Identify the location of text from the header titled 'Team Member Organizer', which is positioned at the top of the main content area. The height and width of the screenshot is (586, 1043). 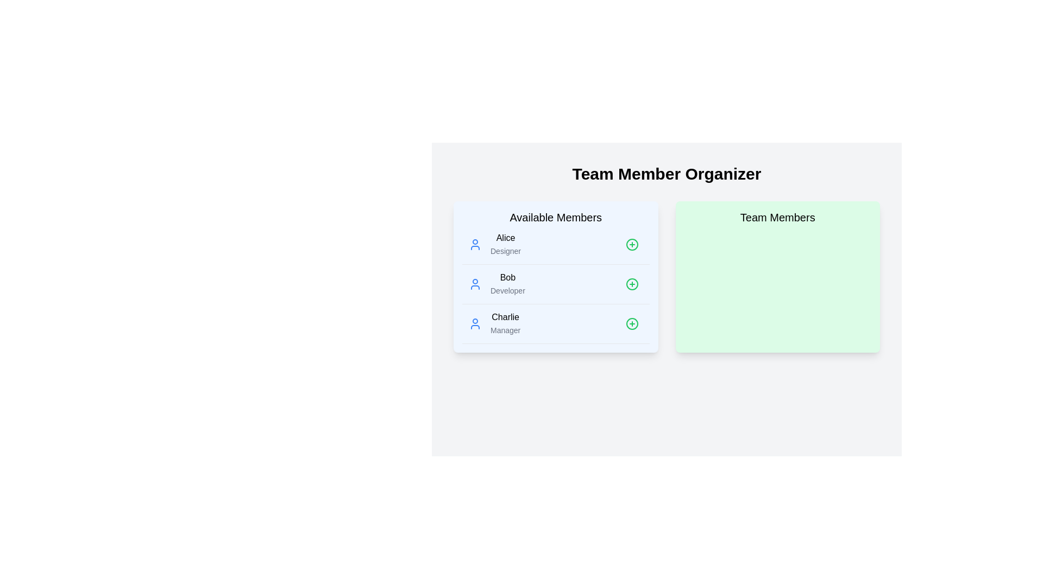
(666, 173).